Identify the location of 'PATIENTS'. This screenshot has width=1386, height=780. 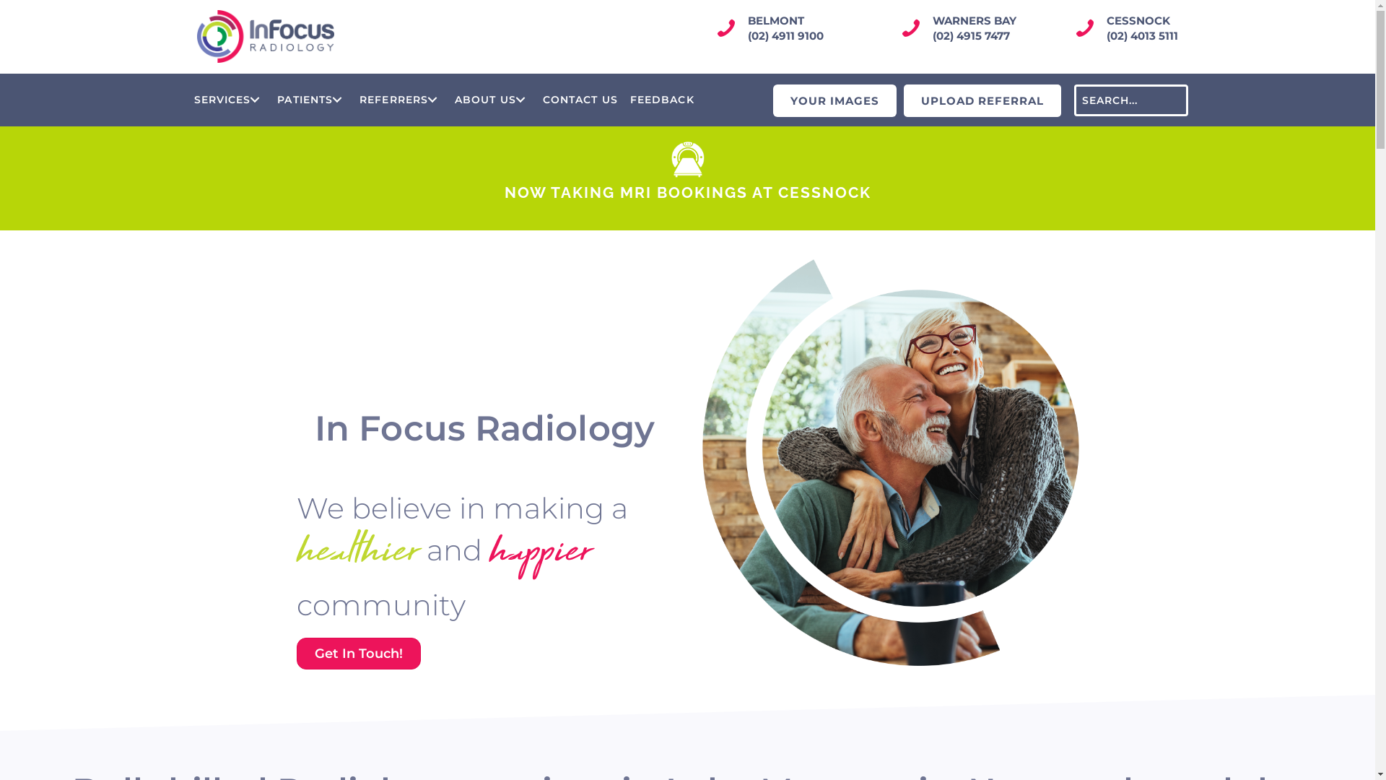
(273, 99).